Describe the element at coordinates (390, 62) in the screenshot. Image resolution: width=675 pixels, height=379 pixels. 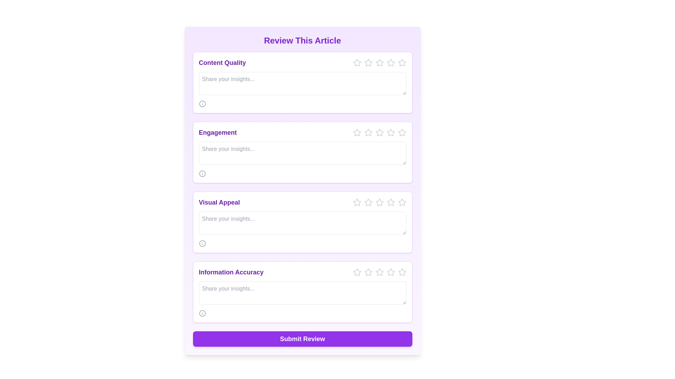
I see `the fifth interactive star rating icon in the Content Quality section` at that location.